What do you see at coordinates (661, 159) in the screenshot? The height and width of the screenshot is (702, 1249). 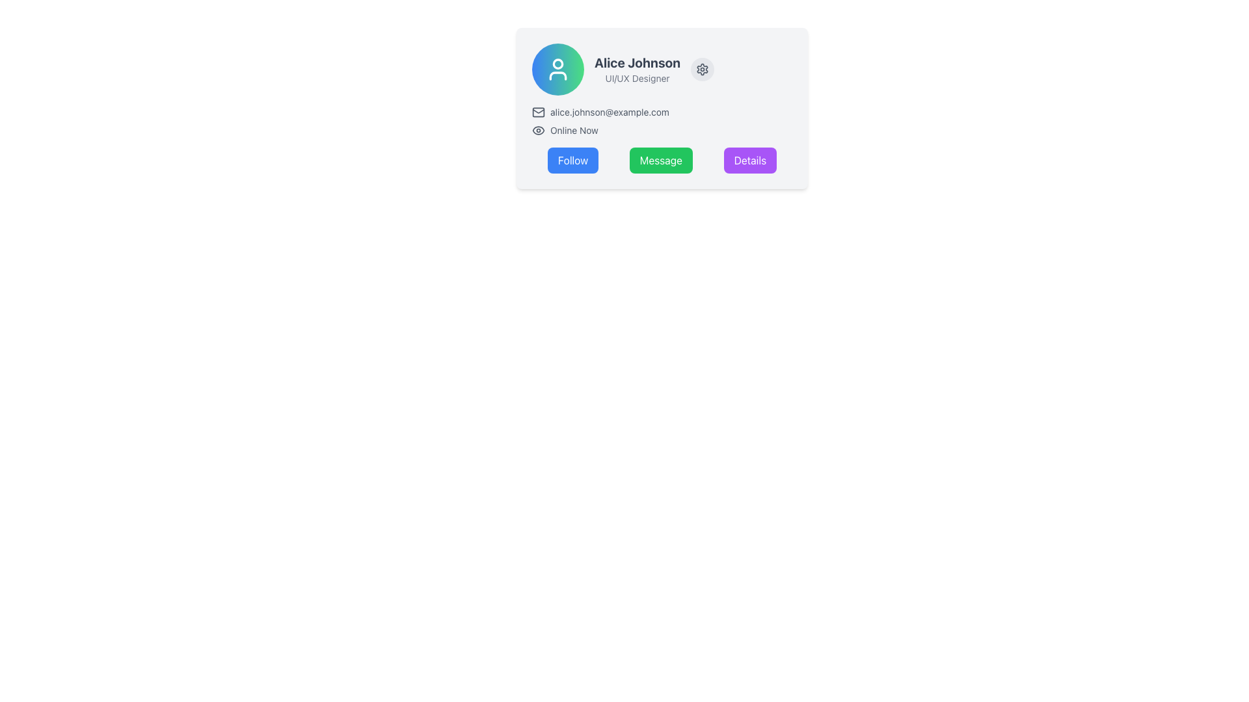 I see `the green 'Message' button with rounded corners` at bounding box center [661, 159].